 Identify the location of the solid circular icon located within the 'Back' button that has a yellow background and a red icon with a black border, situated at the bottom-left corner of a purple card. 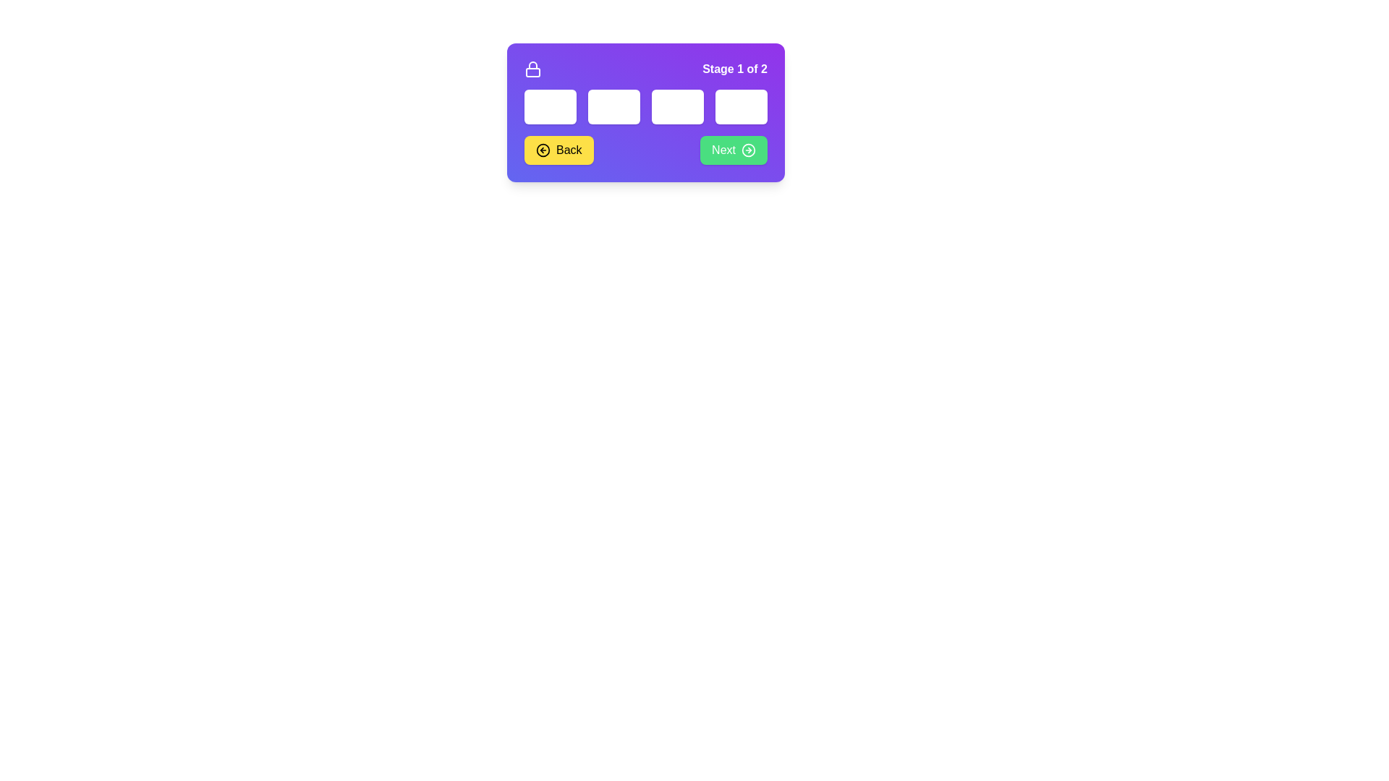
(542, 150).